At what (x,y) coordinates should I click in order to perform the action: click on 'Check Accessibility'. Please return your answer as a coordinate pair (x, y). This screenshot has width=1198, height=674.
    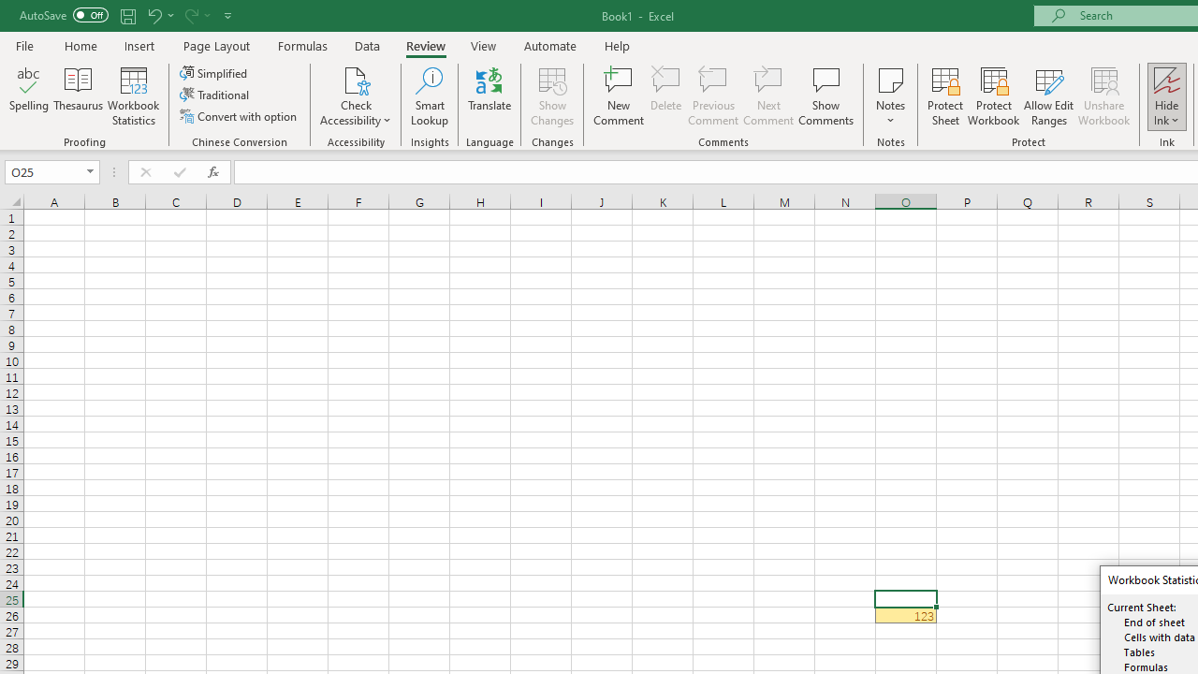
    Looking at the image, I should click on (356, 79).